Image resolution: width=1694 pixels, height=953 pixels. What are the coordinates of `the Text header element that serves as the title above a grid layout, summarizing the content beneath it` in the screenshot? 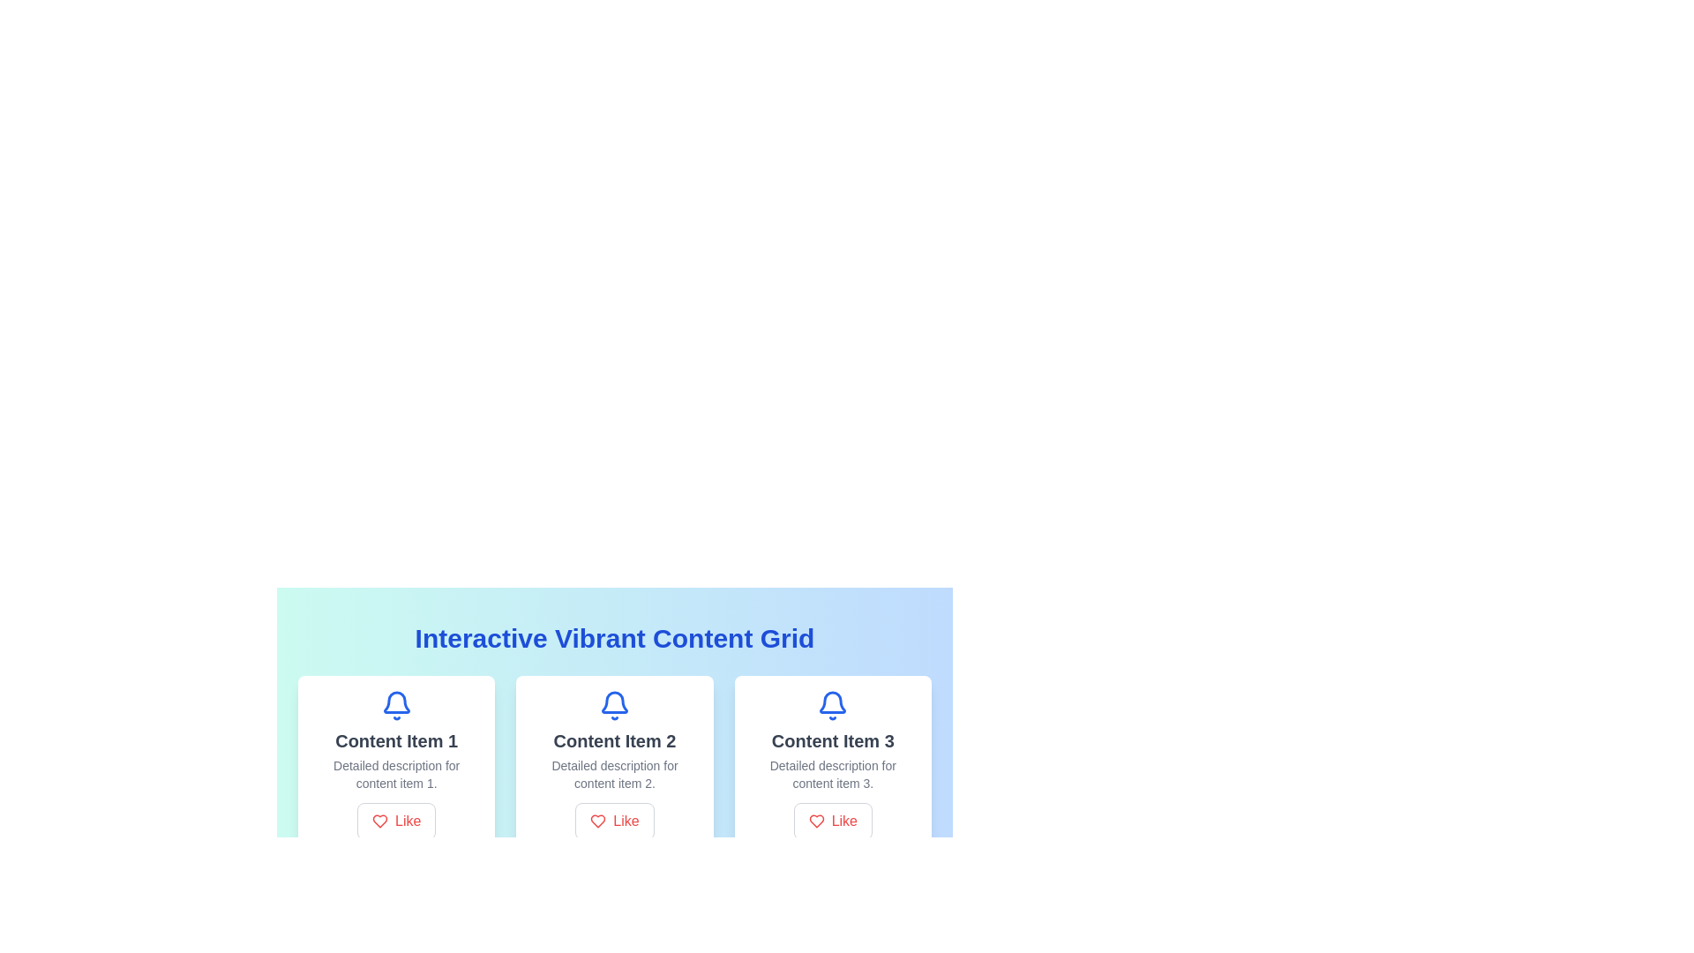 It's located at (614, 639).